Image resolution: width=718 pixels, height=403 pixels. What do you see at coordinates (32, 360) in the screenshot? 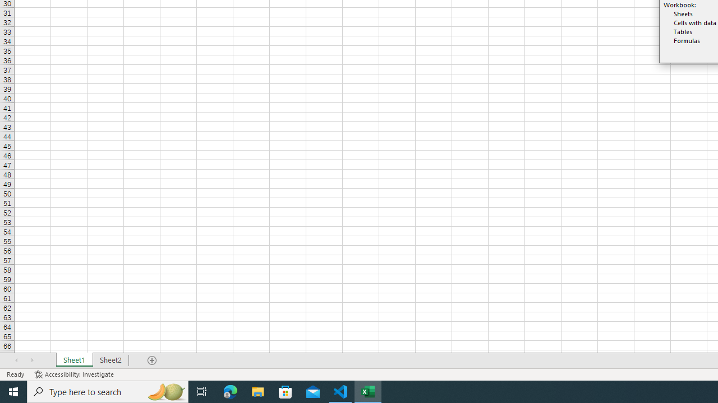
I see `'Scroll Right'` at bounding box center [32, 360].